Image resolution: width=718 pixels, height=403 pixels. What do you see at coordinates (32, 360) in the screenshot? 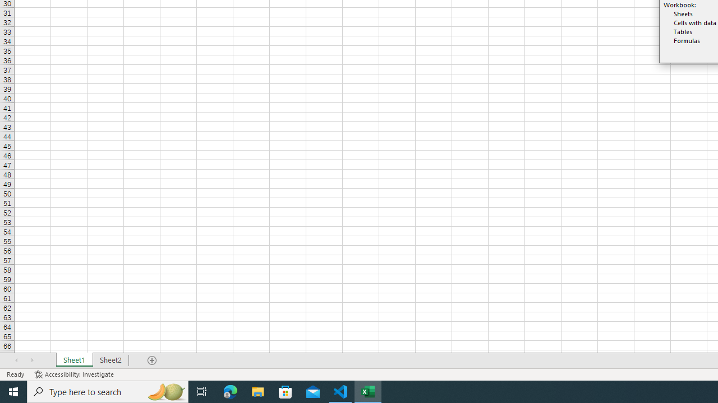
I see `'Scroll Right'` at bounding box center [32, 360].